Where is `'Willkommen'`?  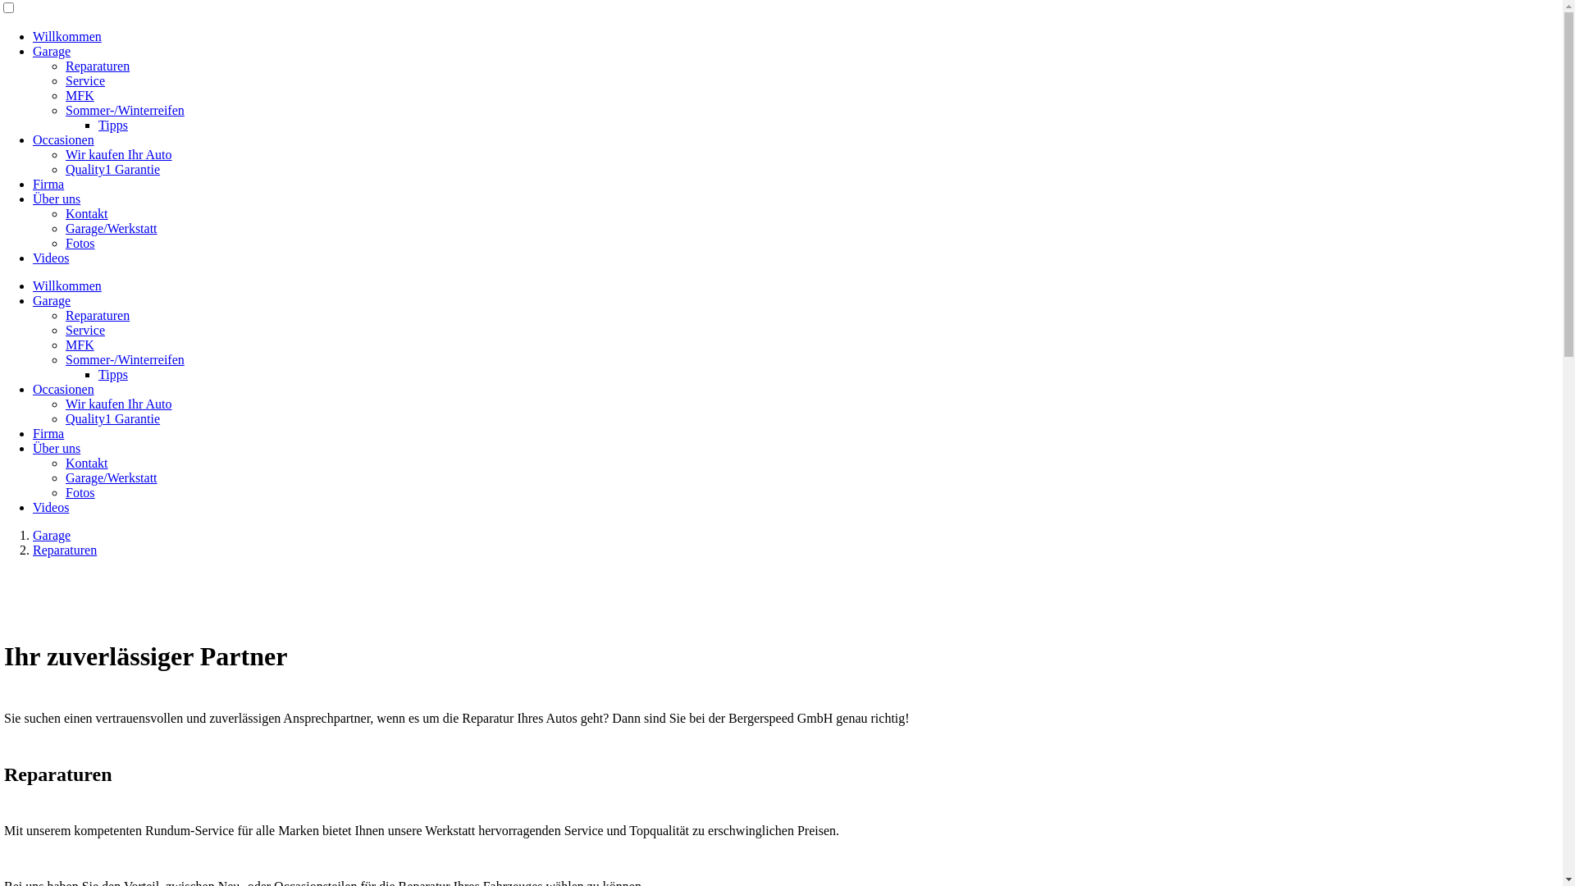 'Willkommen' is located at coordinates (66, 36).